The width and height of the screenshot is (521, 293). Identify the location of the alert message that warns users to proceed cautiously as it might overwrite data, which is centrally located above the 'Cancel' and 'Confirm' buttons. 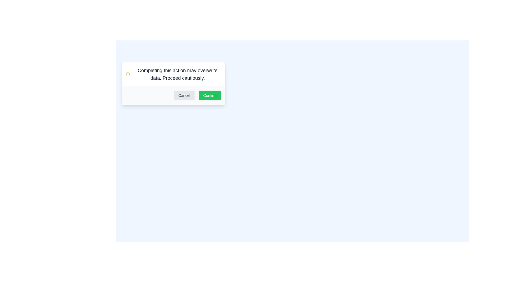
(173, 74).